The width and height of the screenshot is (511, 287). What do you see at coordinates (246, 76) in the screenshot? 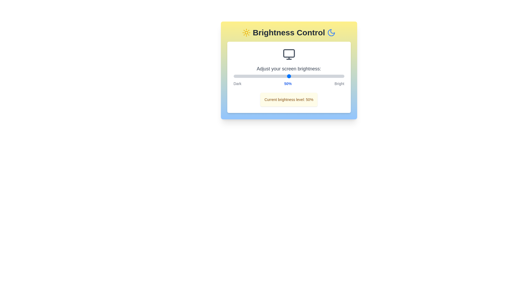
I see `the brightness to 12% by interacting with the slider` at bounding box center [246, 76].